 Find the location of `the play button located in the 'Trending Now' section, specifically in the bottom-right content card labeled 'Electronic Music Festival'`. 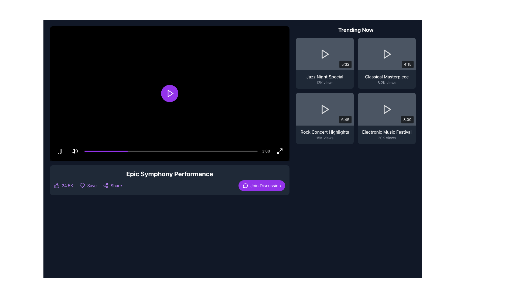

the play button located in the 'Trending Now' section, specifically in the bottom-right content card labeled 'Electronic Music Festival' is located at coordinates (387, 109).